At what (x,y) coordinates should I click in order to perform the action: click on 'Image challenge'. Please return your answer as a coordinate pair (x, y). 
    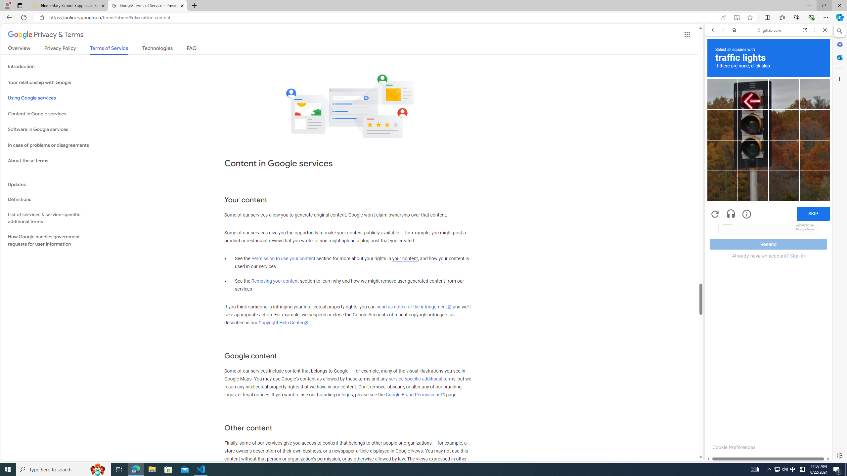
    Looking at the image, I should click on (752, 155).